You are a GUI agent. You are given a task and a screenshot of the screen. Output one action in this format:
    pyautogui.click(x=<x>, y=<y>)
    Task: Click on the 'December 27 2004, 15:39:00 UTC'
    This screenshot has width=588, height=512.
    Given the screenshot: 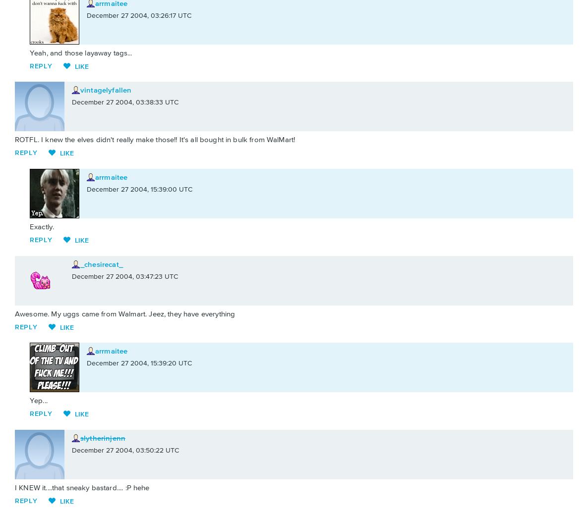 What is the action you would take?
    pyautogui.click(x=139, y=188)
    